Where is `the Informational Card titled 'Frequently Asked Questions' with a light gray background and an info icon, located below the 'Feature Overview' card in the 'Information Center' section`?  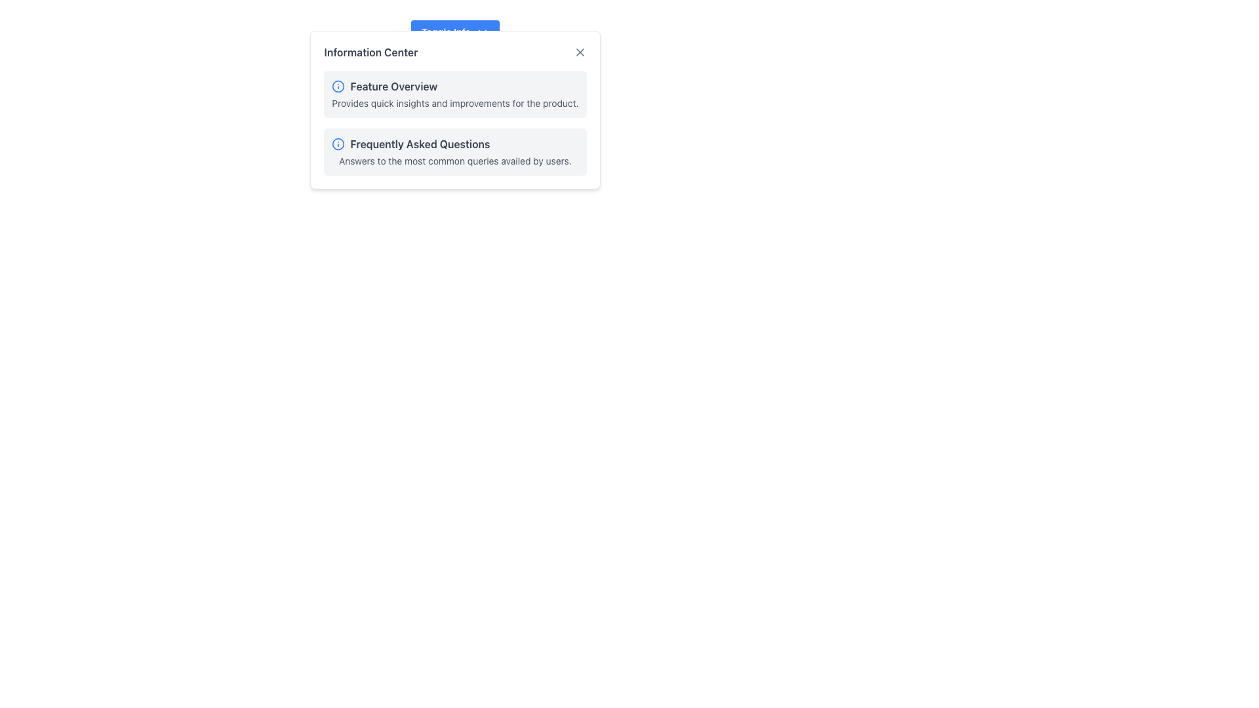 the Informational Card titled 'Frequently Asked Questions' with a light gray background and an info icon, located below the 'Feature Overview' card in the 'Information Center' section is located at coordinates (455, 151).